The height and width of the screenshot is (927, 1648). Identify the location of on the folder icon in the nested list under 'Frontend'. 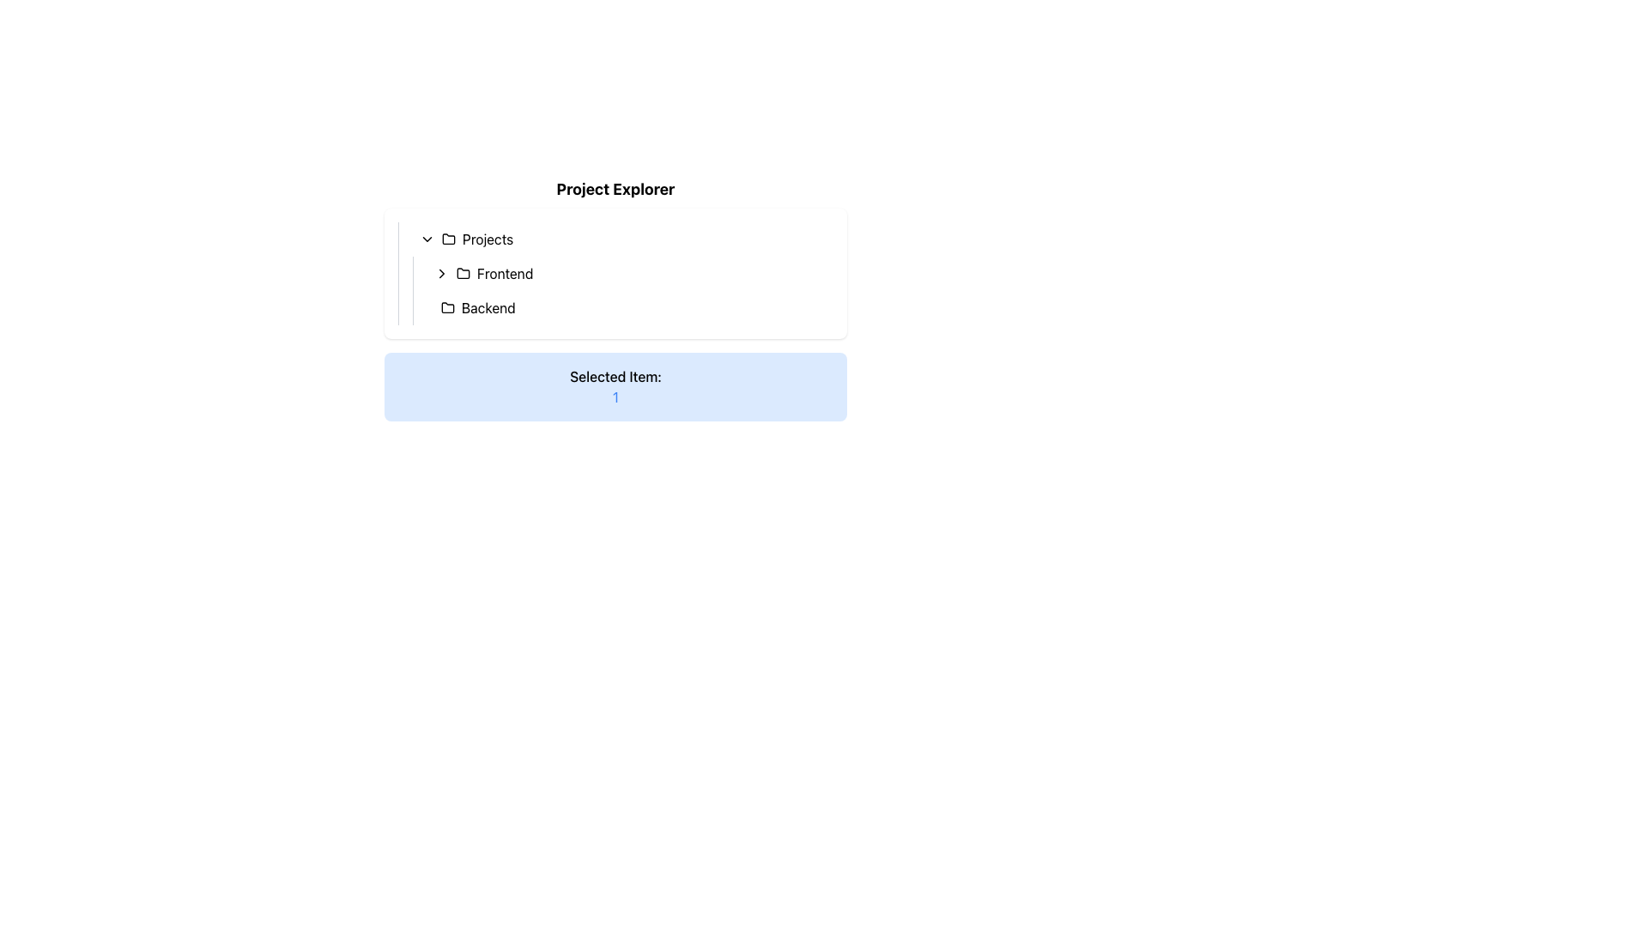
(463, 271).